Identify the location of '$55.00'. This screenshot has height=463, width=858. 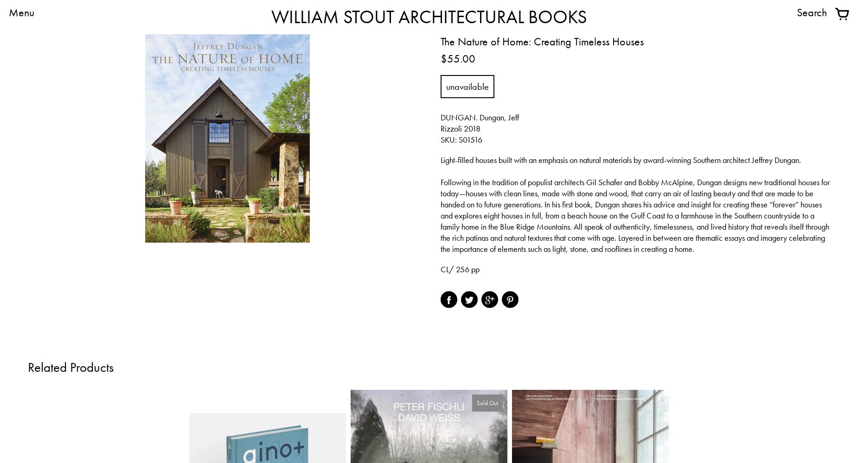
(457, 58).